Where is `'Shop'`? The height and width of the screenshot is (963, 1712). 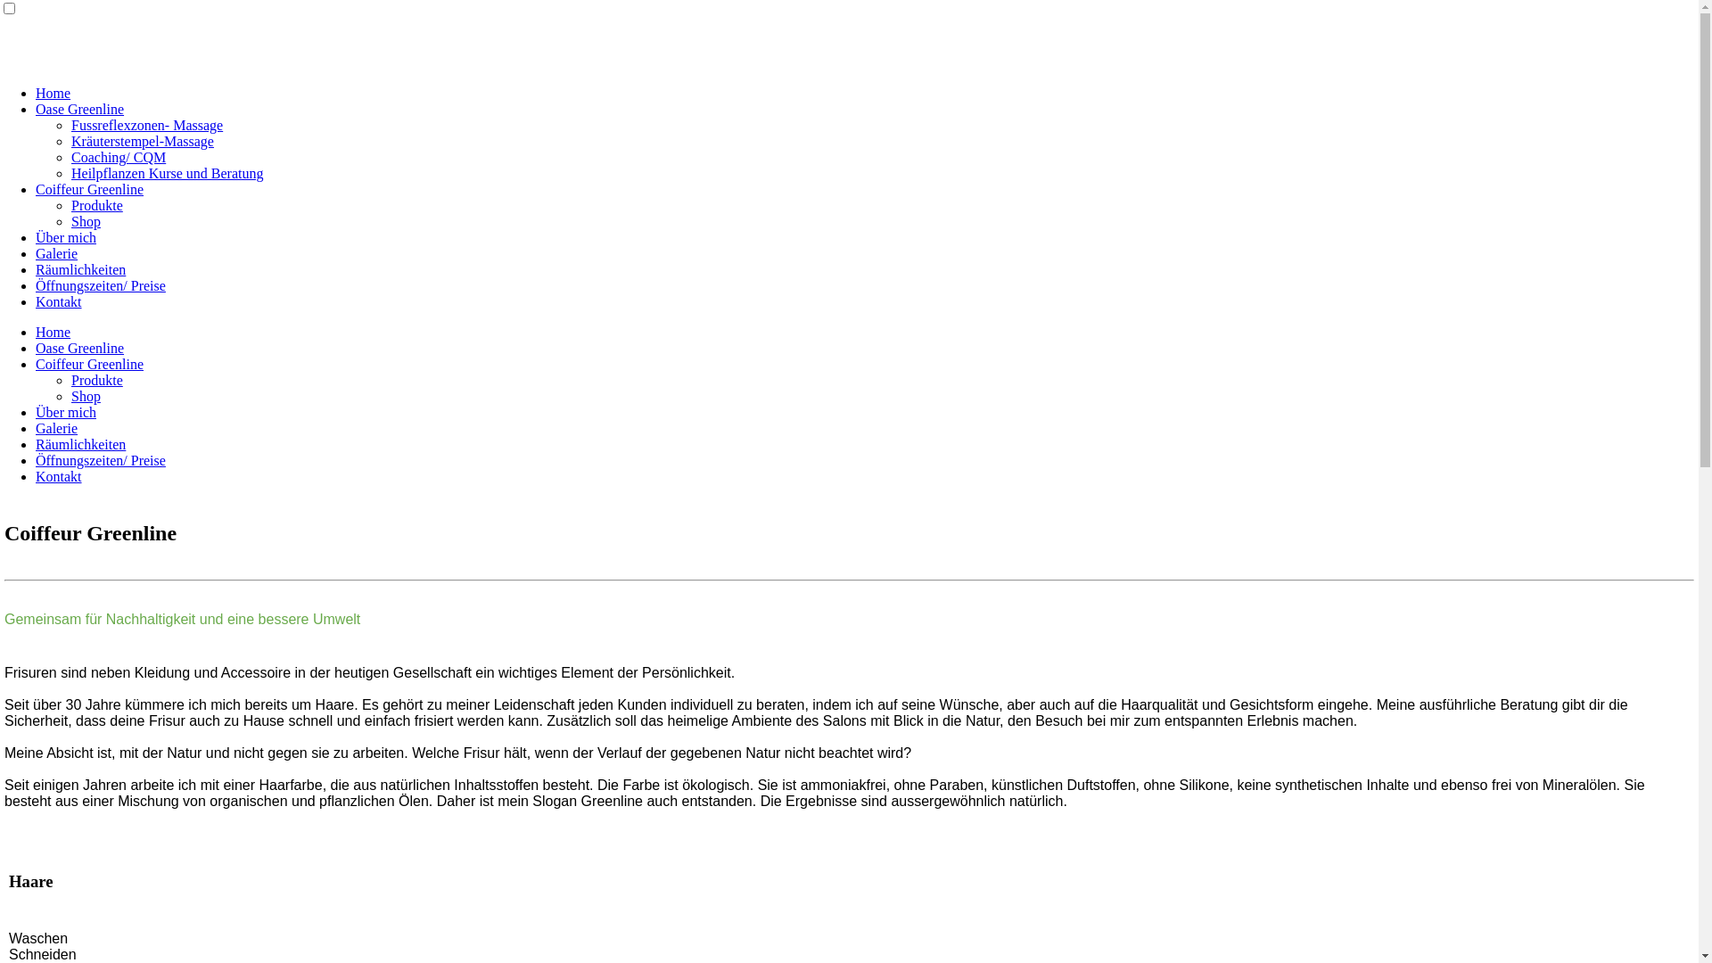
'Shop' is located at coordinates (85, 220).